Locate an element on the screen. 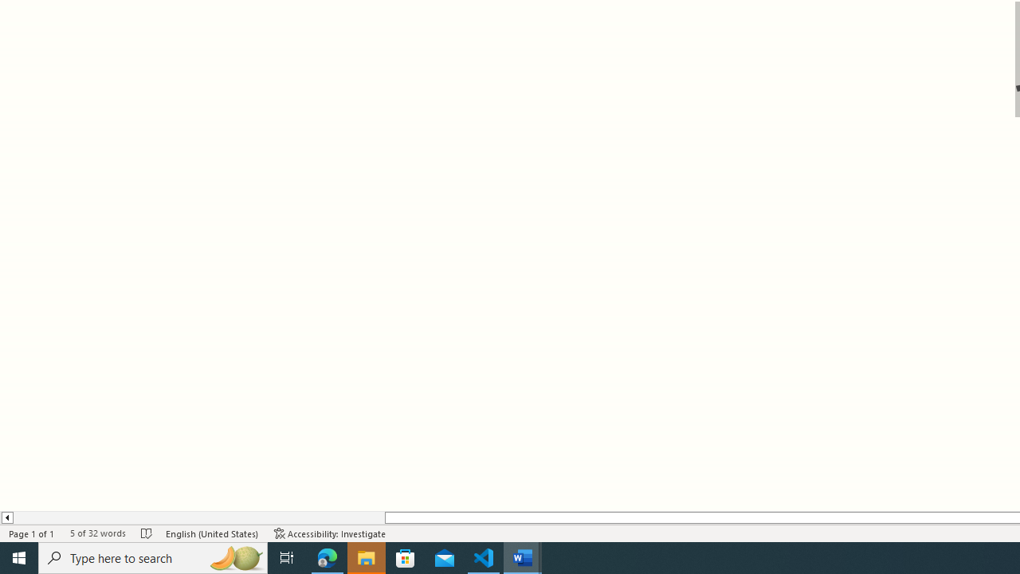  'Spelling and Grammar Check No Errors' is located at coordinates (147, 533).